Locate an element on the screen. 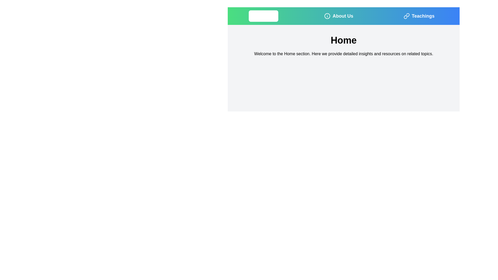 The height and width of the screenshot is (280, 498). the central circle of the information icon in the top navigation bar, which is located slightly to the right of the 'About Us' text and before the 'Teachings' link is located at coordinates (327, 16).